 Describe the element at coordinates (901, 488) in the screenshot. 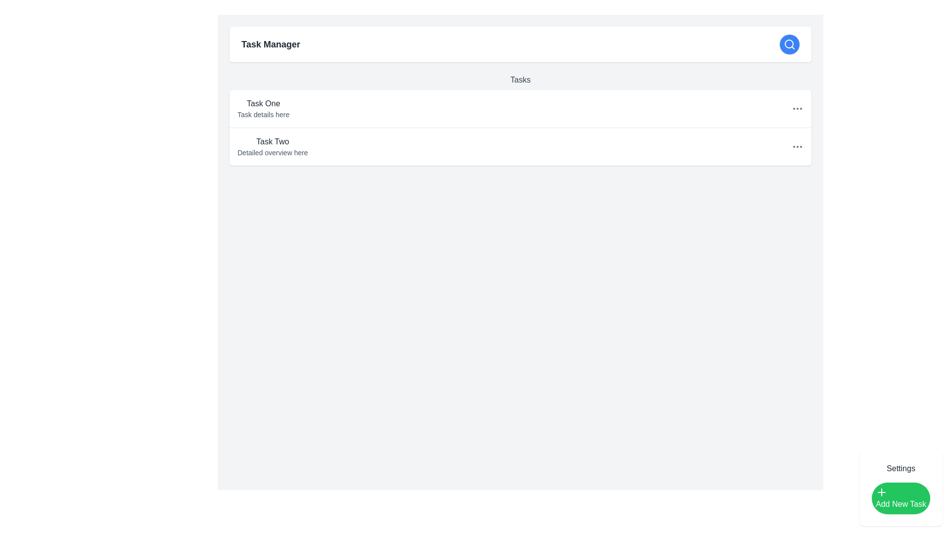

I see `the 'Add New Task' button located in the bottom-right corner of the settings interface` at that location.